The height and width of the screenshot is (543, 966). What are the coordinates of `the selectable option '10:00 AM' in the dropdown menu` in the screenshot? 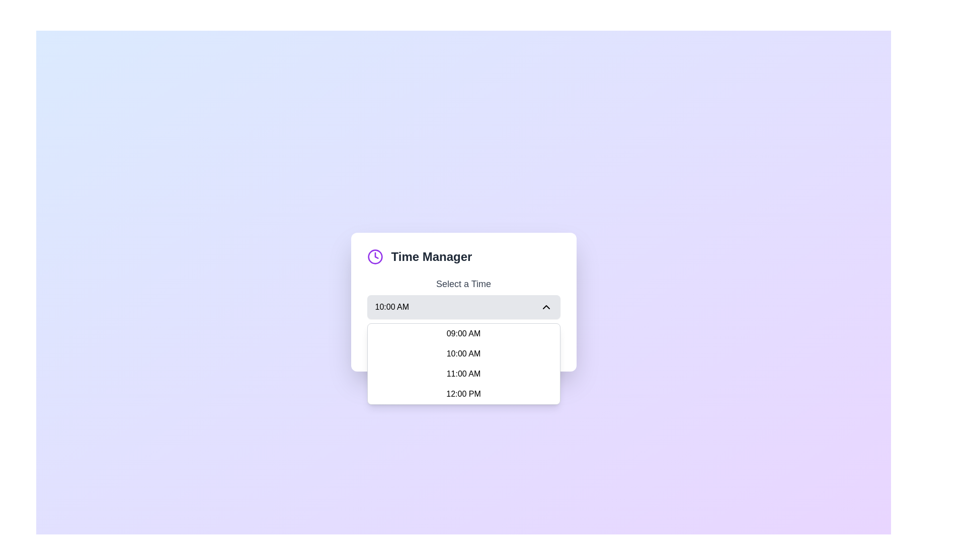 It's located at (463, 353).